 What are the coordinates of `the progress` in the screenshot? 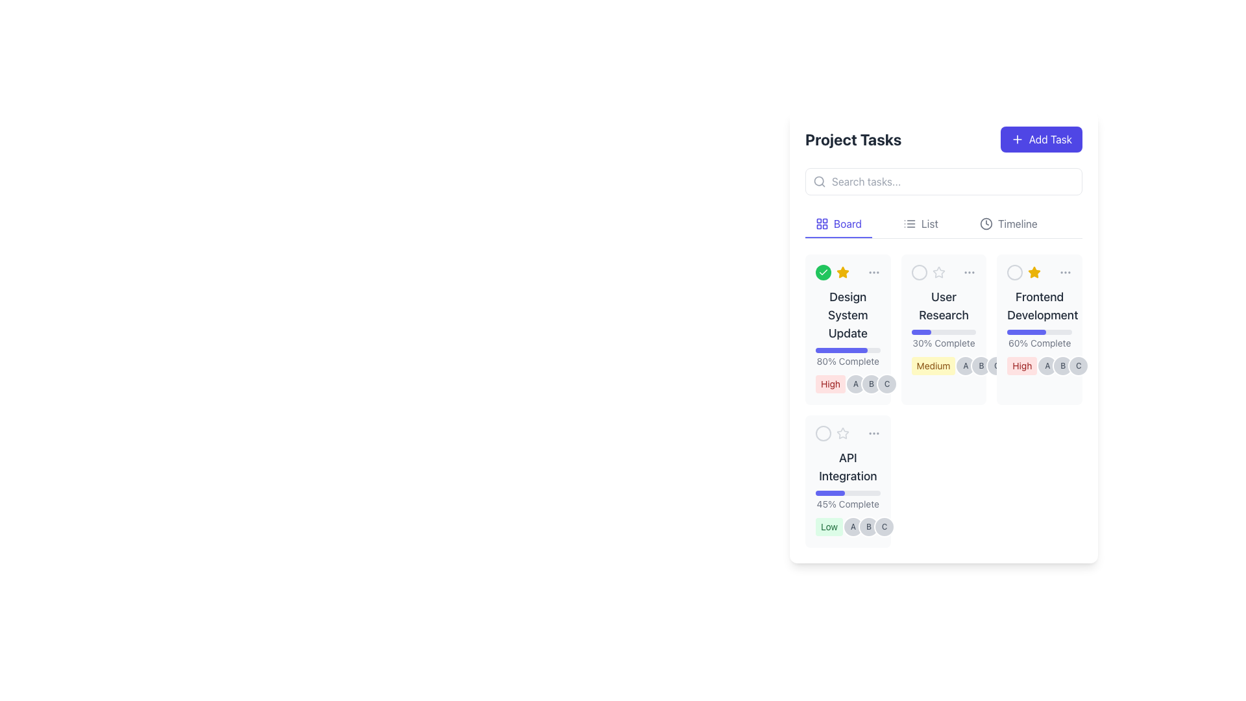 It's located at (1019, 332).